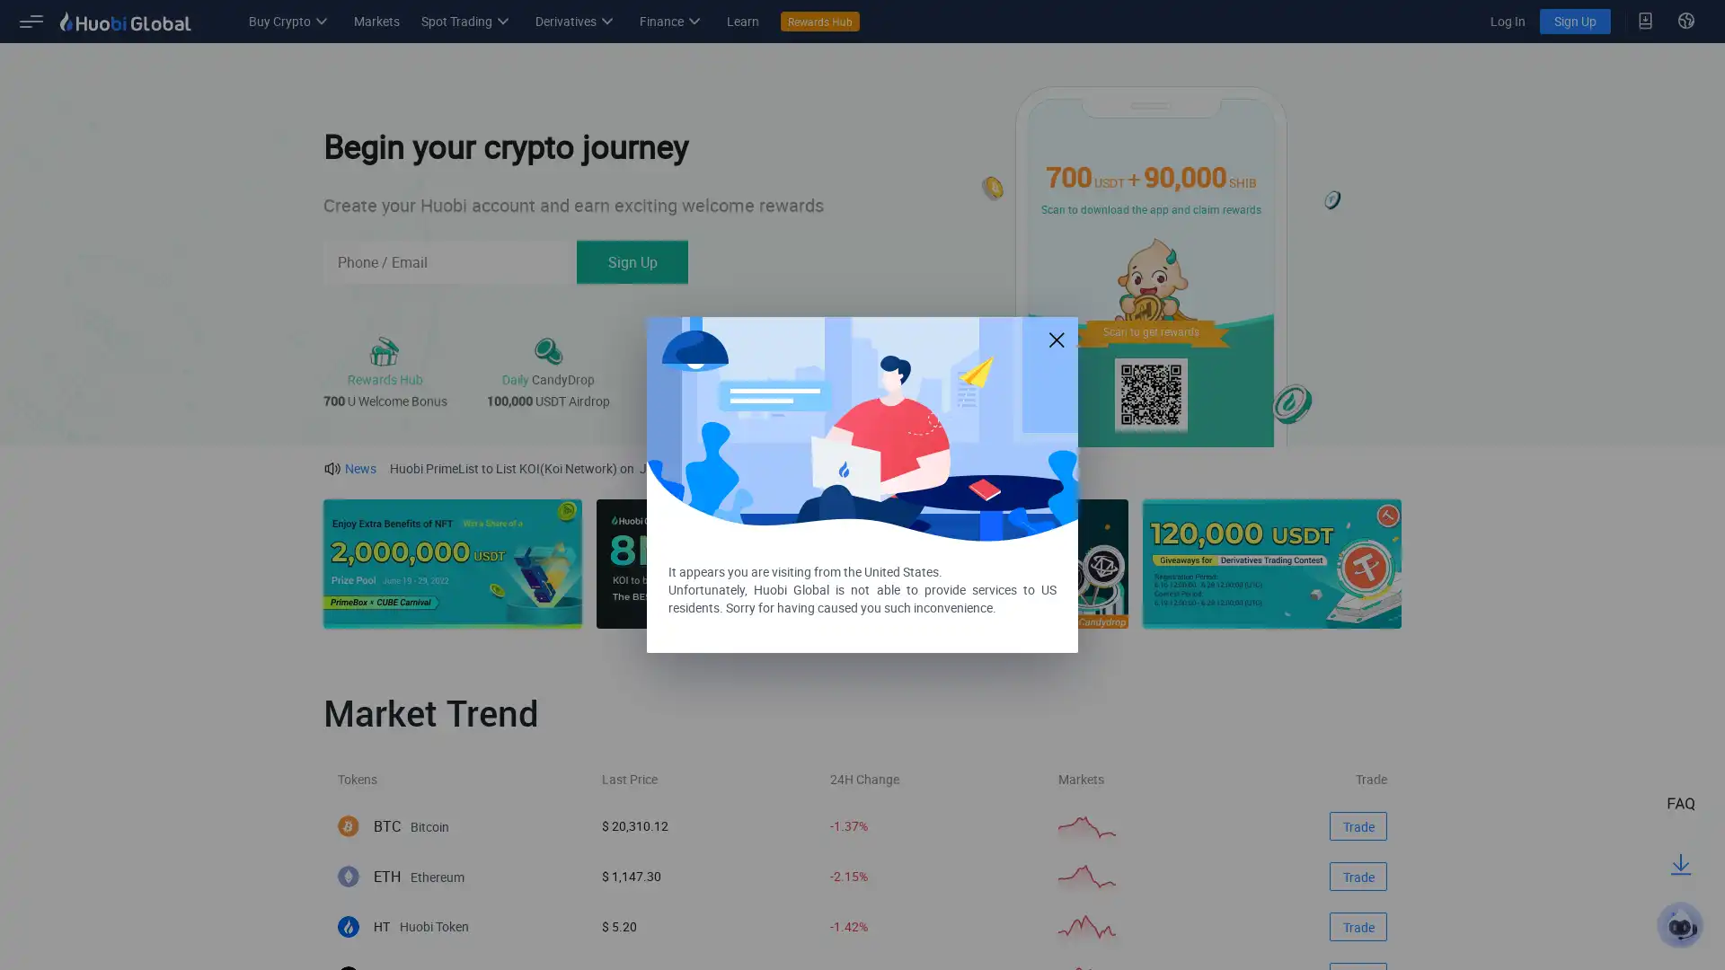  What do you see at coordinates (632, 262) in the screenshot?
I see `Sign Up` at bounding box center [632, 262].